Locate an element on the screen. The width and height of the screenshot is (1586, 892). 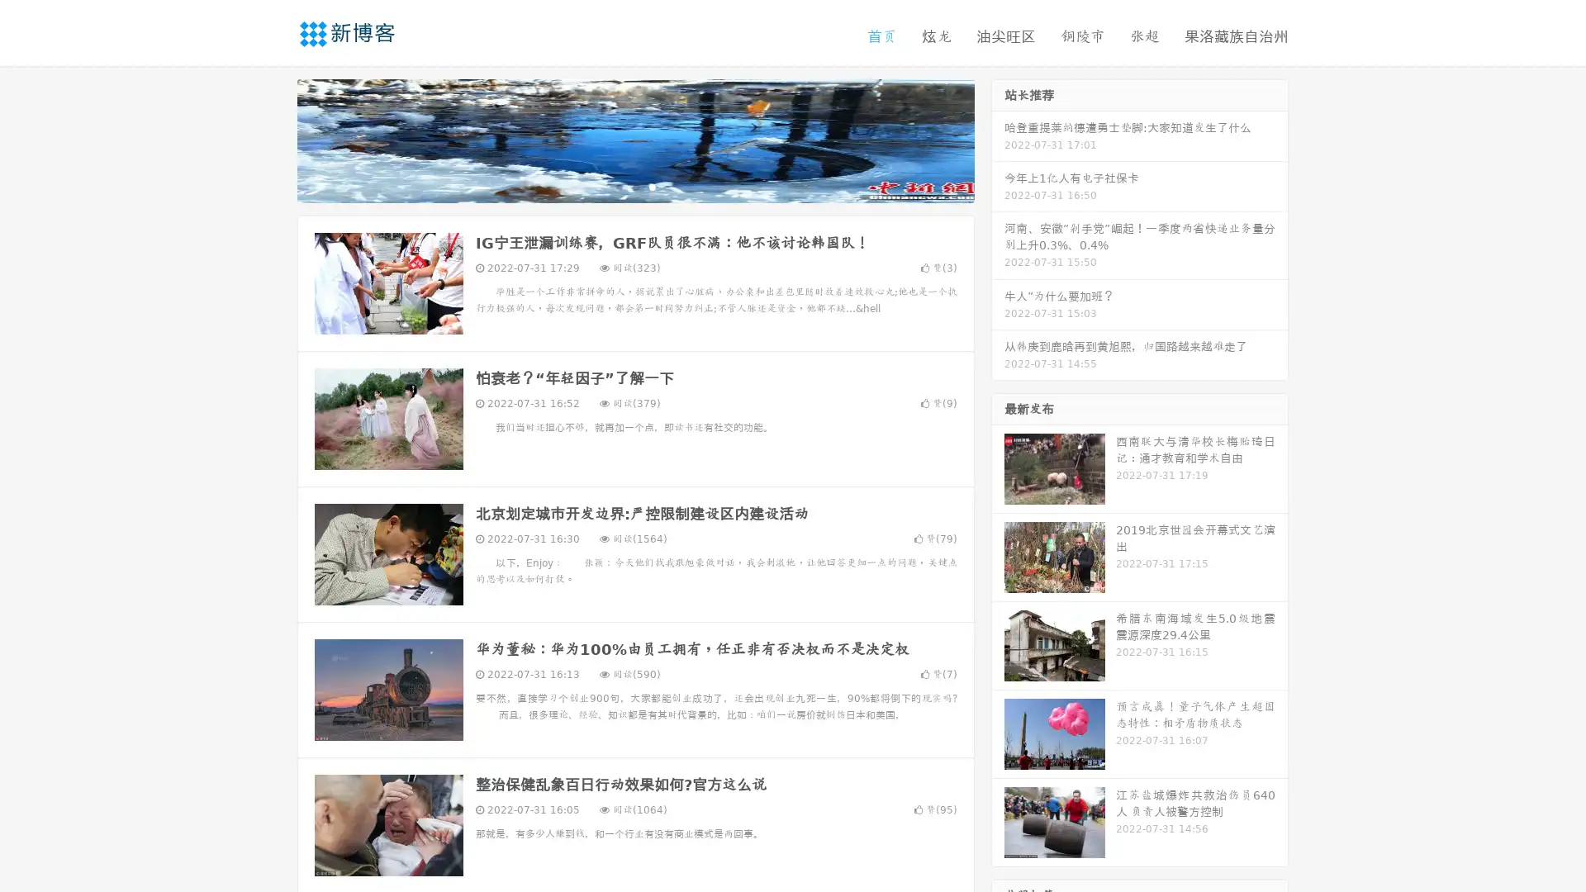
Go to slide 2 is located at coordinates (634, 186).